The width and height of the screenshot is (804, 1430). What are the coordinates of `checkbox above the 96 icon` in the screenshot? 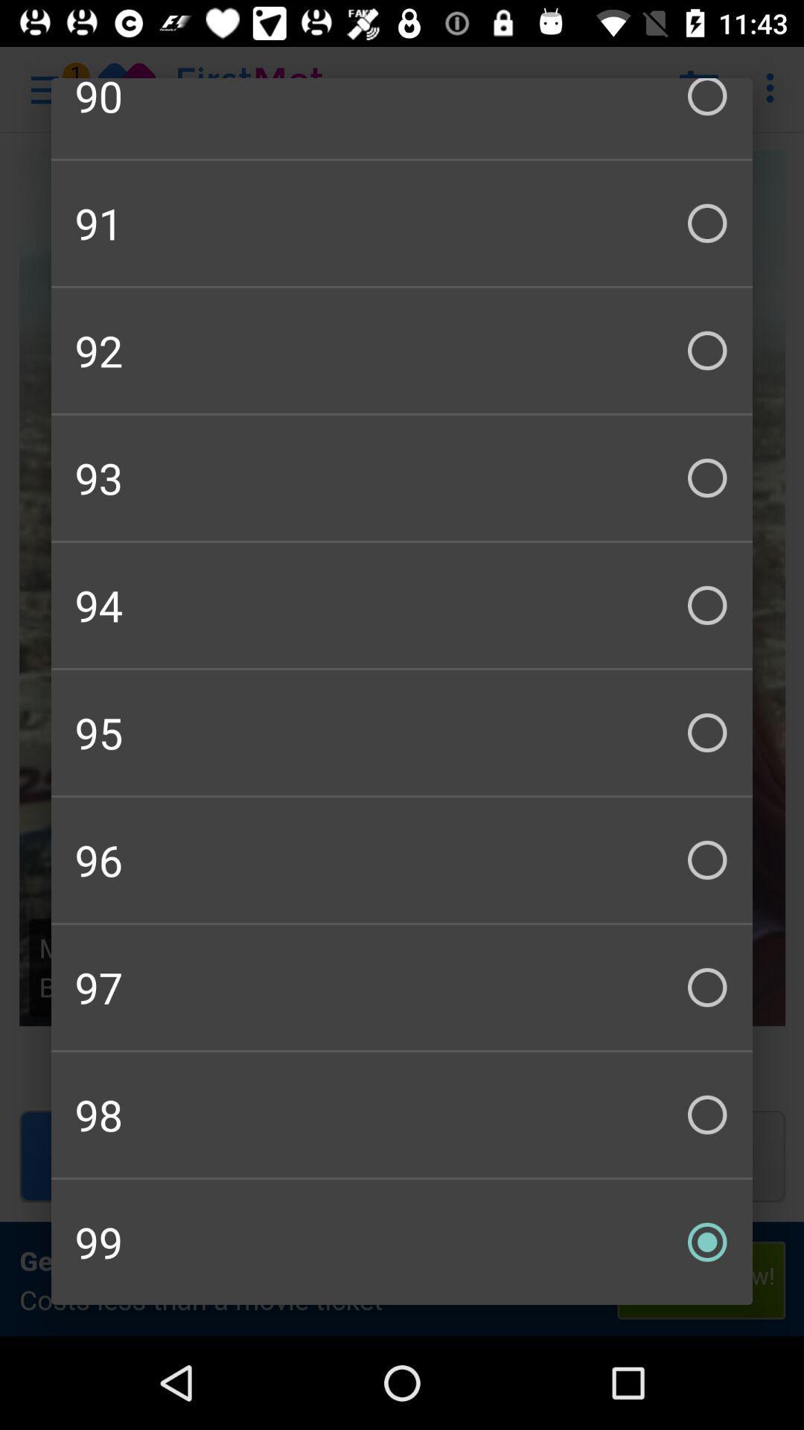 It's located at (402, 732).